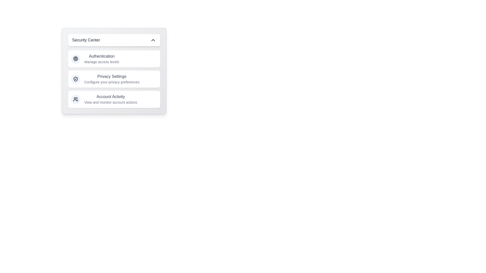 This screenshot has height=273, width=486. What do you see at coordinates (114, 58) in the screenshot?
I see `the menu item corresponding to Authentication` at bounding box center [114, 58].